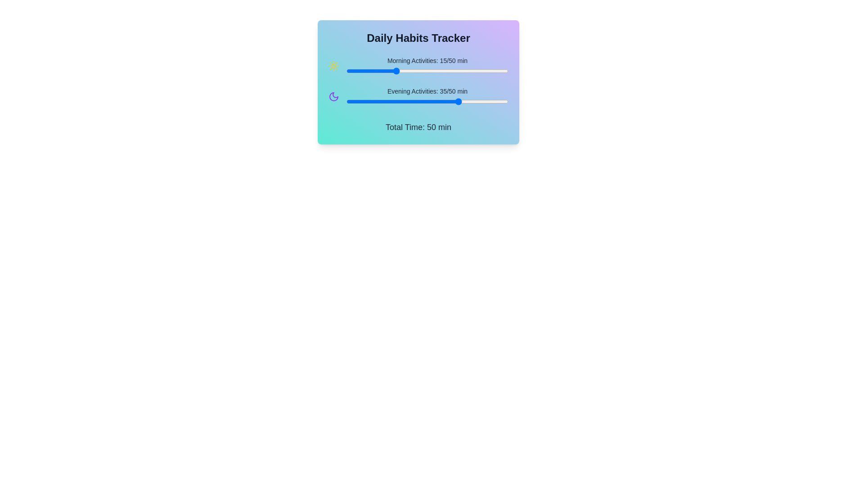 This screenshot has height=486, width=864. I want to click on the 'Morning Activities' slider, so click(463, 71).